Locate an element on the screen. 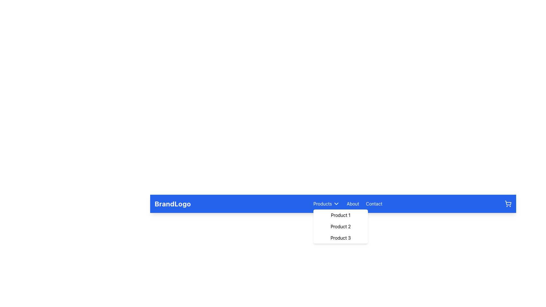  the fourth navigation link between the 'Products' and 'Contact' labels is located at coordinates (353, 204).